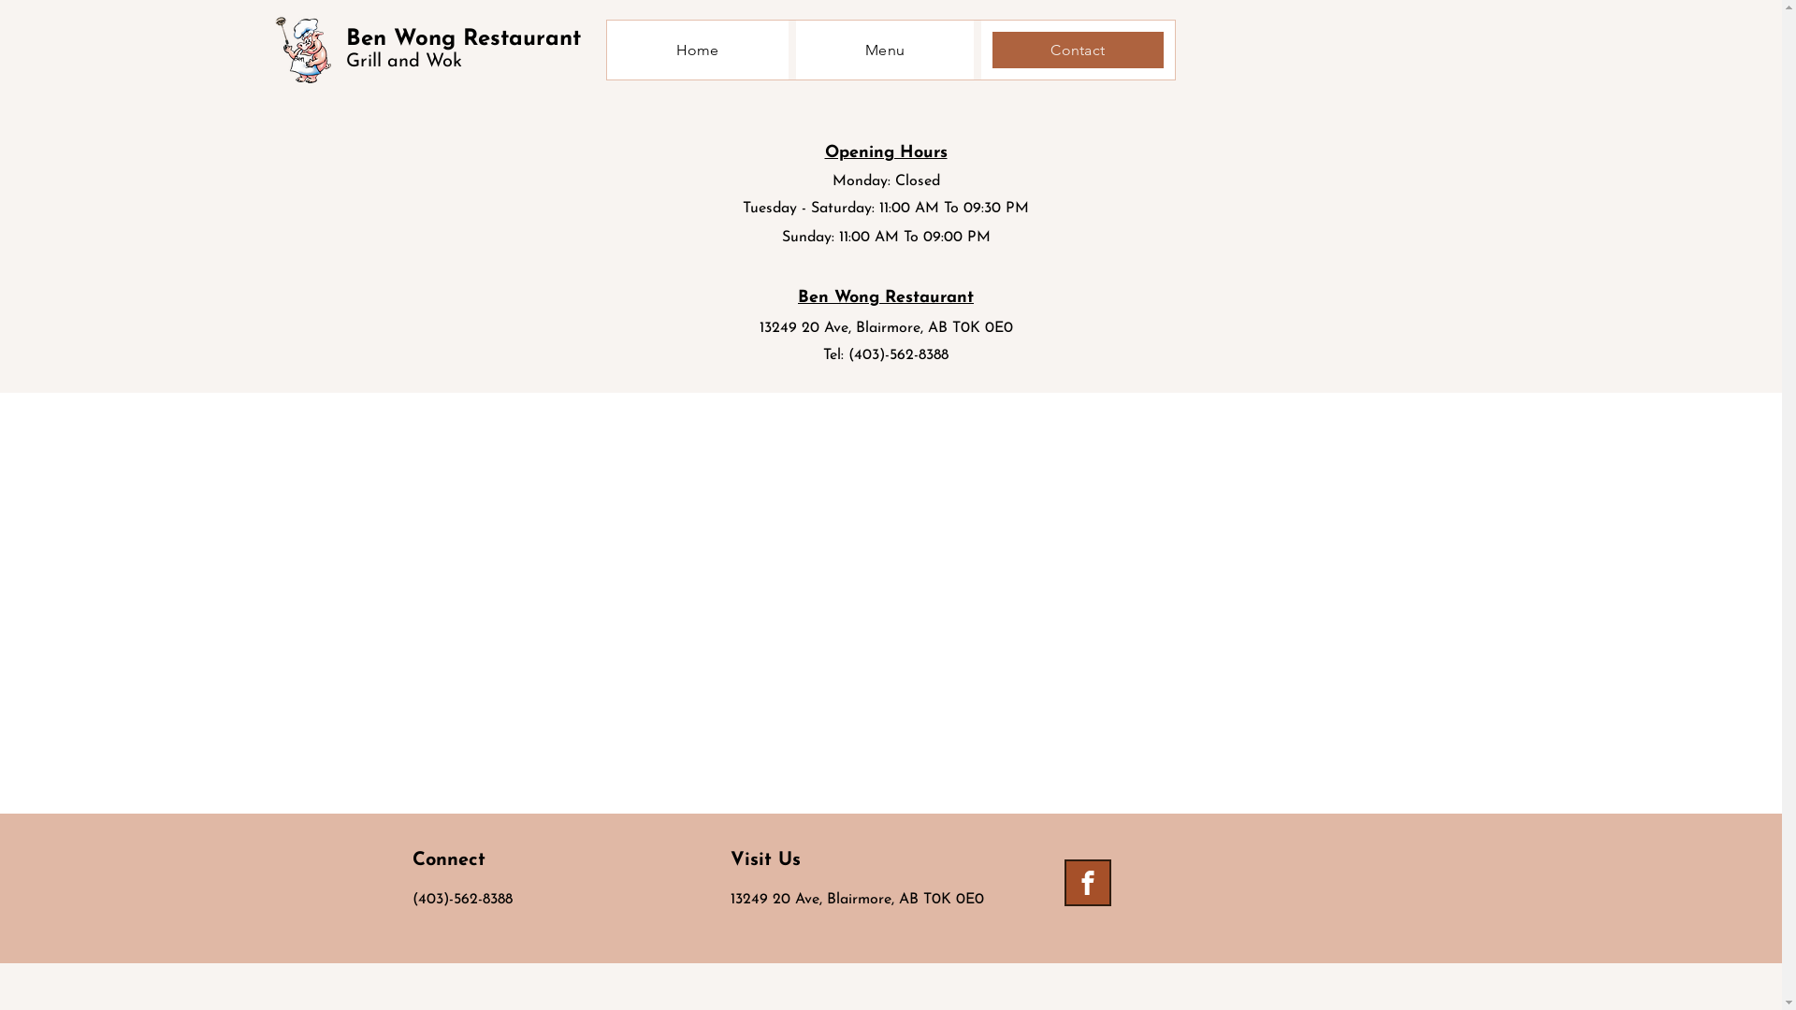 The width and height of the screenshot is (1796, 1010). What do you see at coordinates (1078, 49) in the screenshot?
I see `'Contact'` at bounding box center [1078, 49].